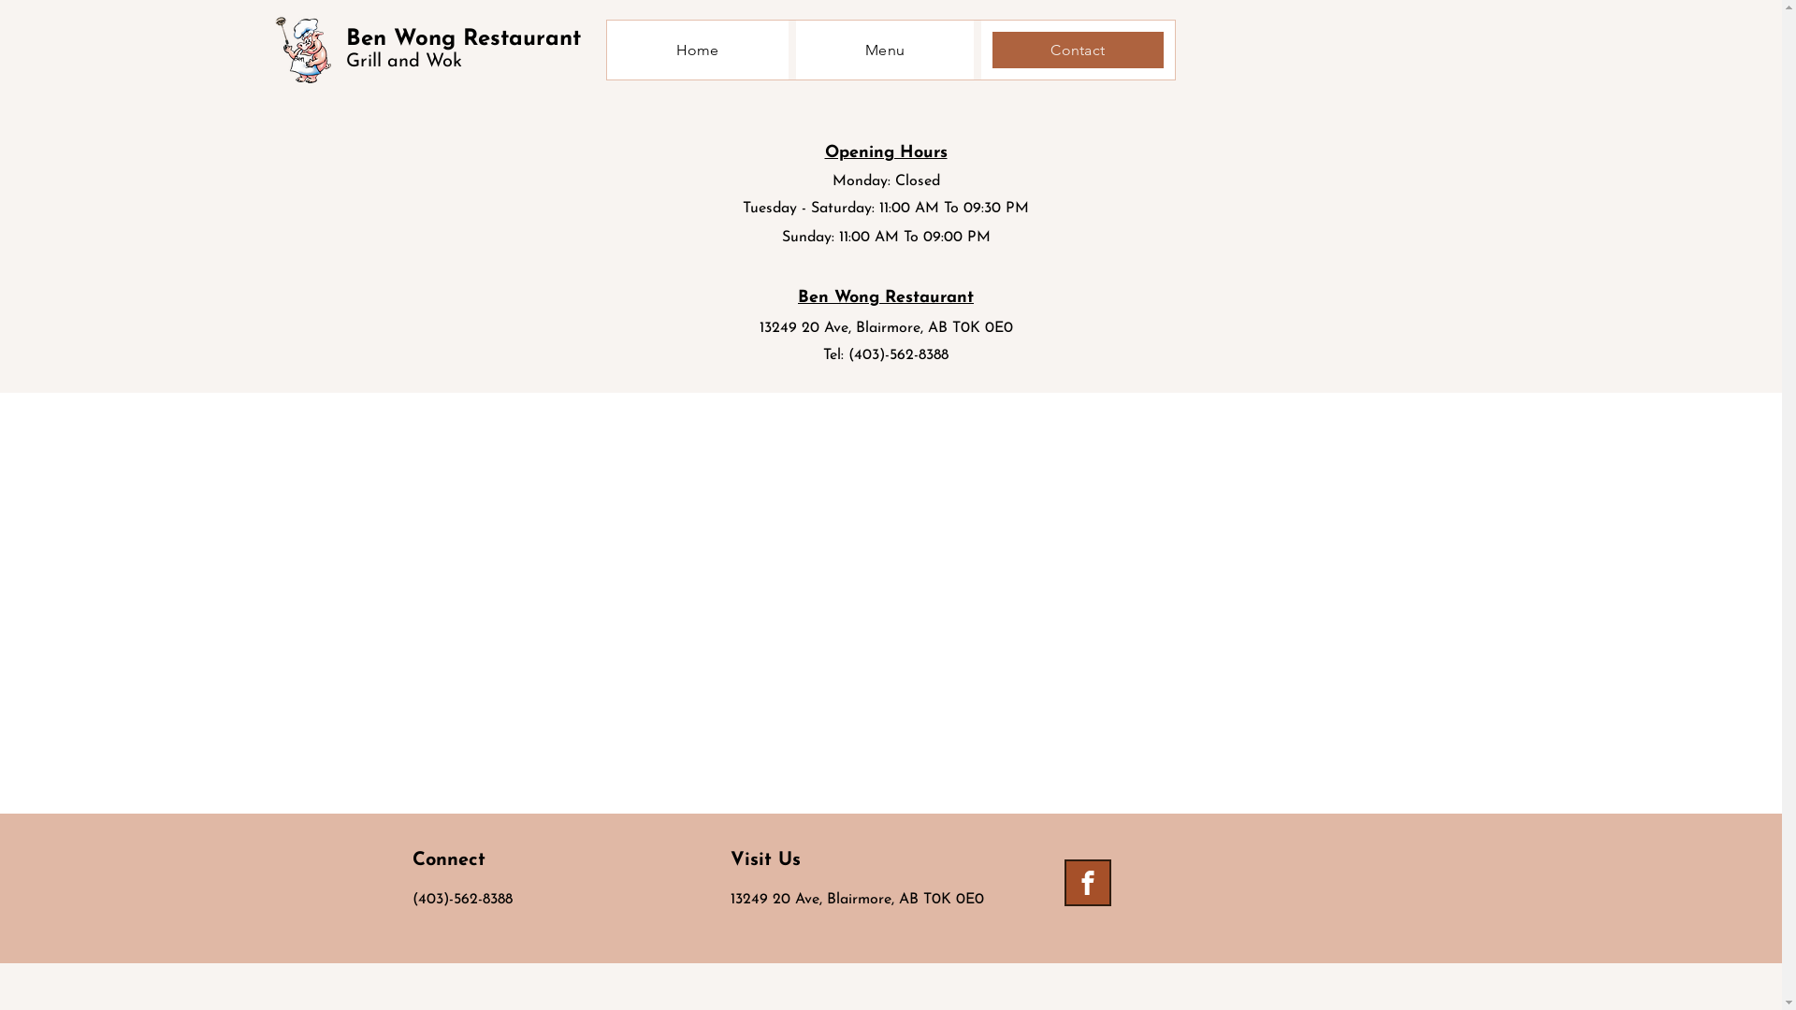 The width and height of the screenshot is (1796, 1010). What do you see at coordinates (1078, 49) in the screenshot?
I see `'Contact'` at bounding box center [1078, 49].